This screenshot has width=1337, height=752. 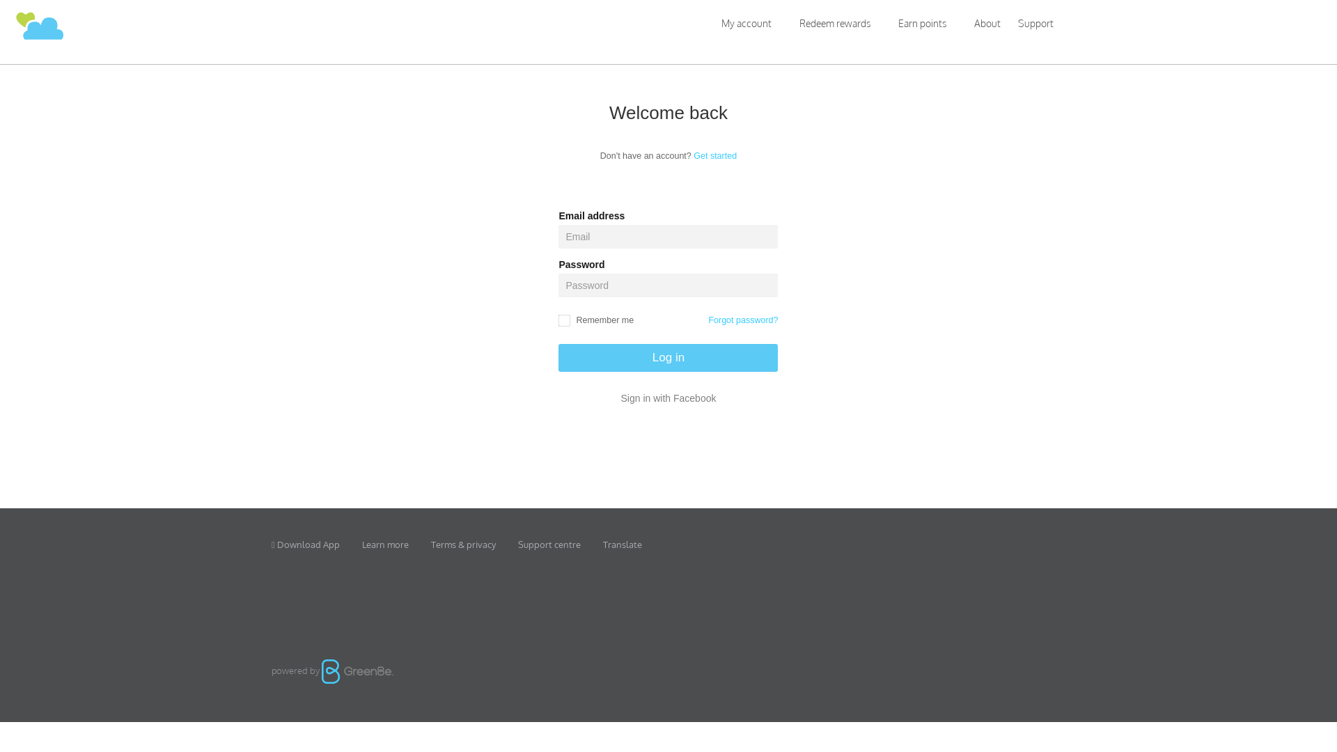 I want to click on 'About', so click(x=986, y=23).